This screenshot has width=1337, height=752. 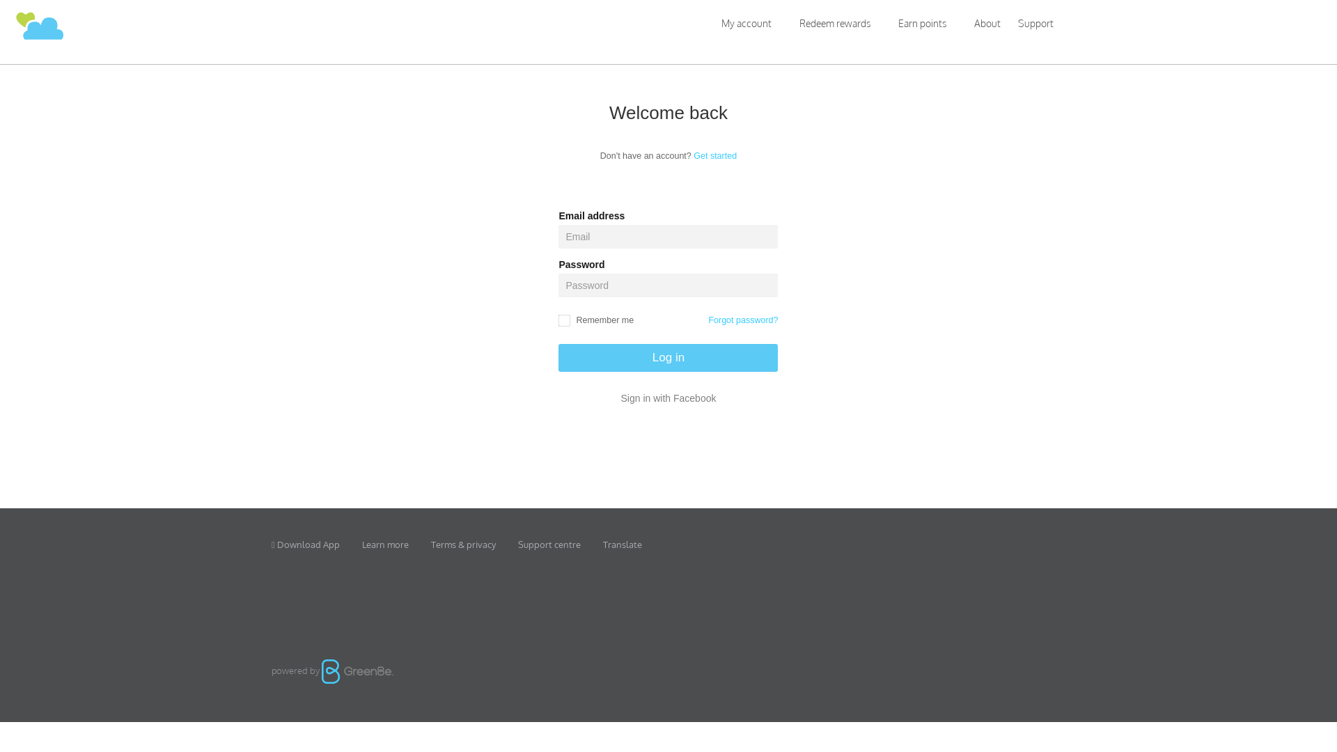 I want to click on 'About', so click(x=986, y=23).